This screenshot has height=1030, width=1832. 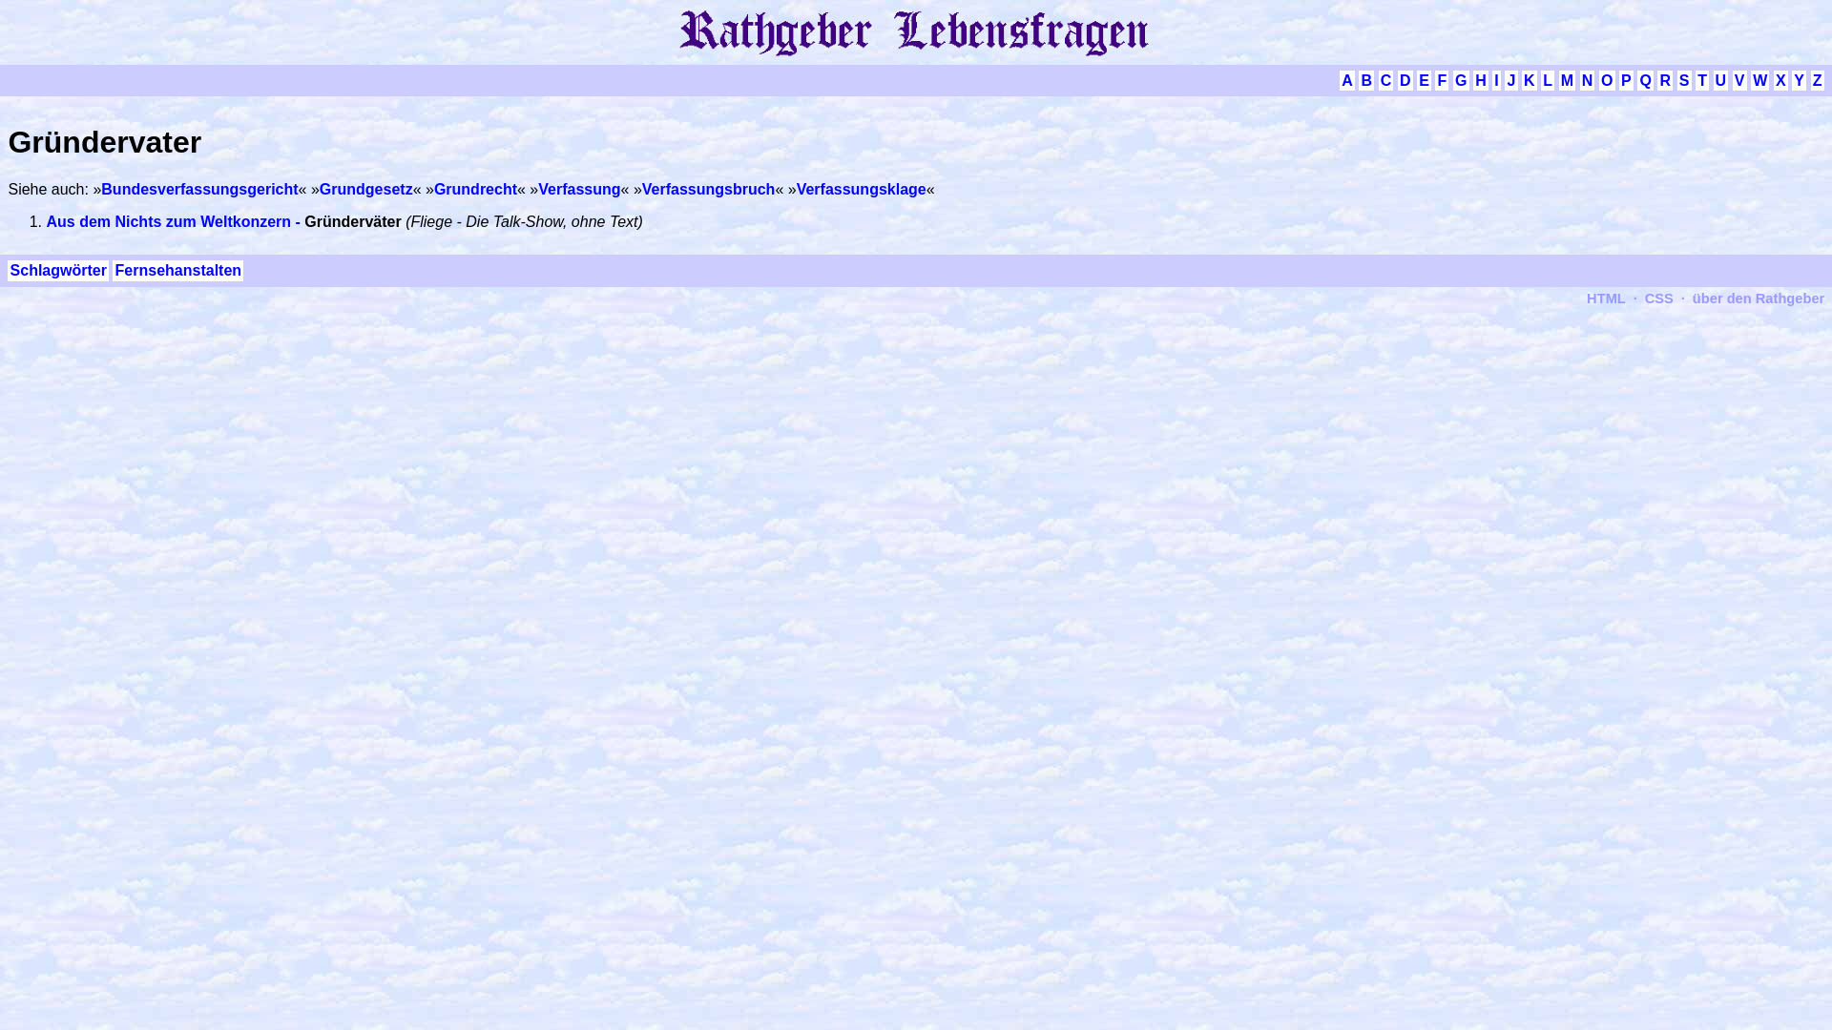 What do you see at coordinates (1780, 79) in the screenshot?
I see `'X'` at bounding box center [1780, 79].